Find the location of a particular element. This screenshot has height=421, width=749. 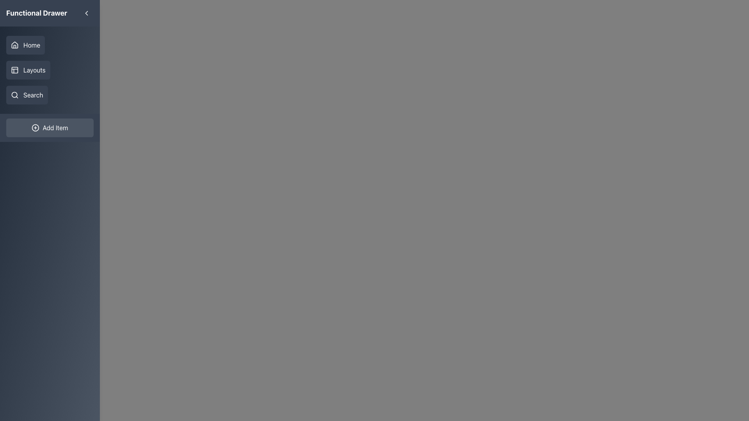

the rectangular icon with a thick border and inner grid arrangement, located to the left of the text label 'Layouts' in the left-hand navigation menu is located at coordinates (15, 70).